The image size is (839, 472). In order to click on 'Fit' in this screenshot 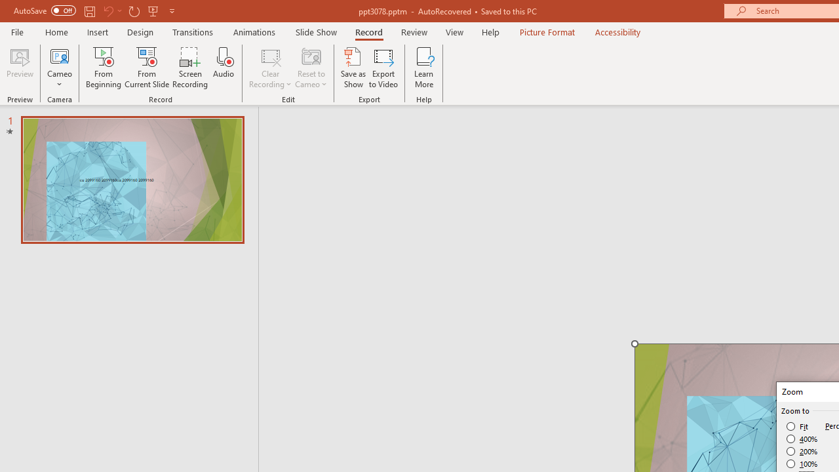, I will do `click(797, 426)`.